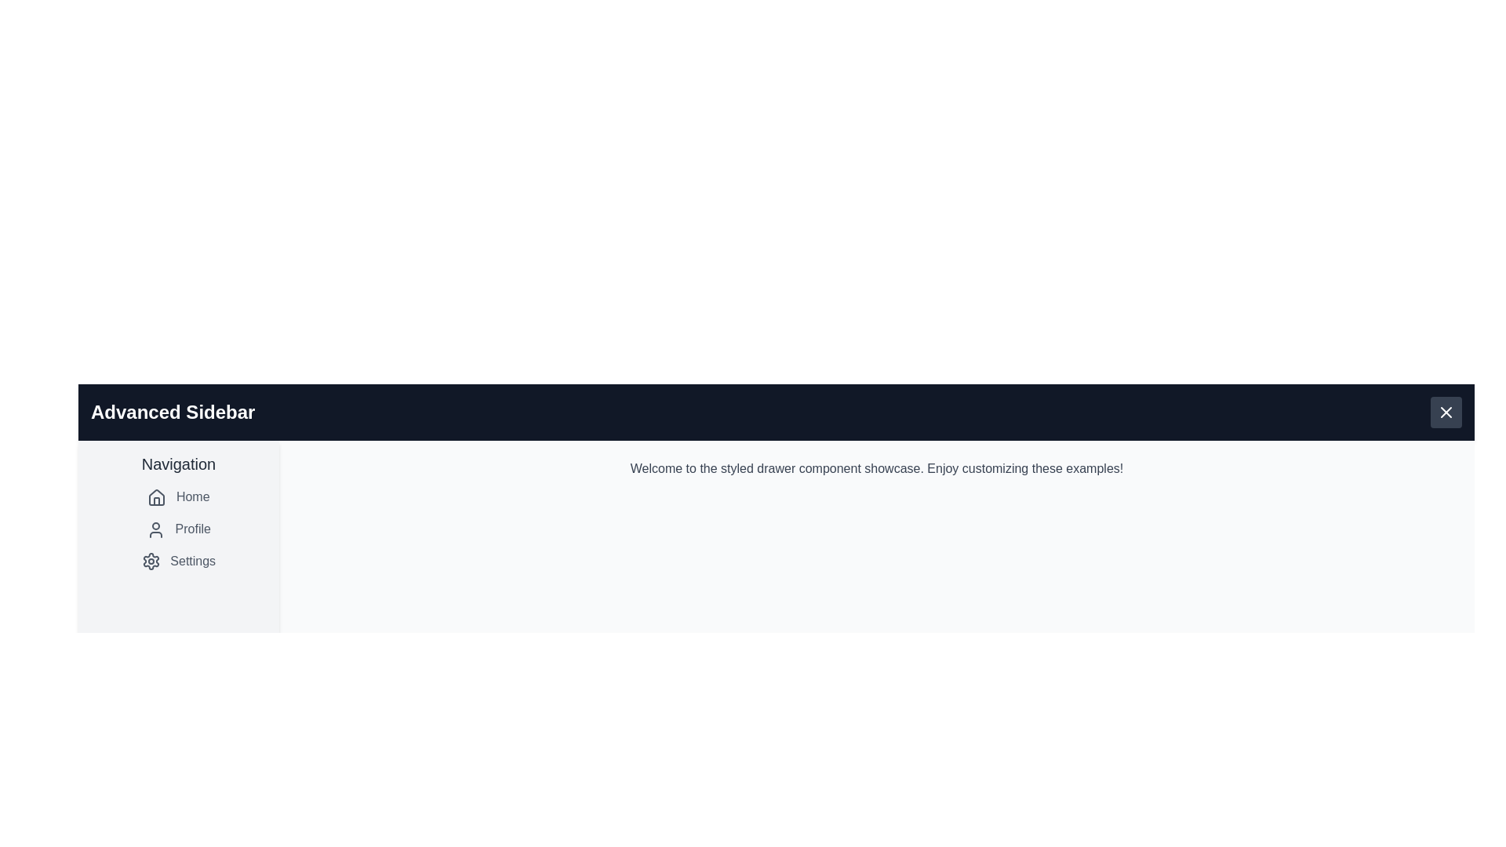  I want to click on the text element that reads 'Welcome to the styled drawer component showcase. Enjoy customizing these examples!' which is styled with gray font and centrally aligned within the main content area, so click(876, 467).